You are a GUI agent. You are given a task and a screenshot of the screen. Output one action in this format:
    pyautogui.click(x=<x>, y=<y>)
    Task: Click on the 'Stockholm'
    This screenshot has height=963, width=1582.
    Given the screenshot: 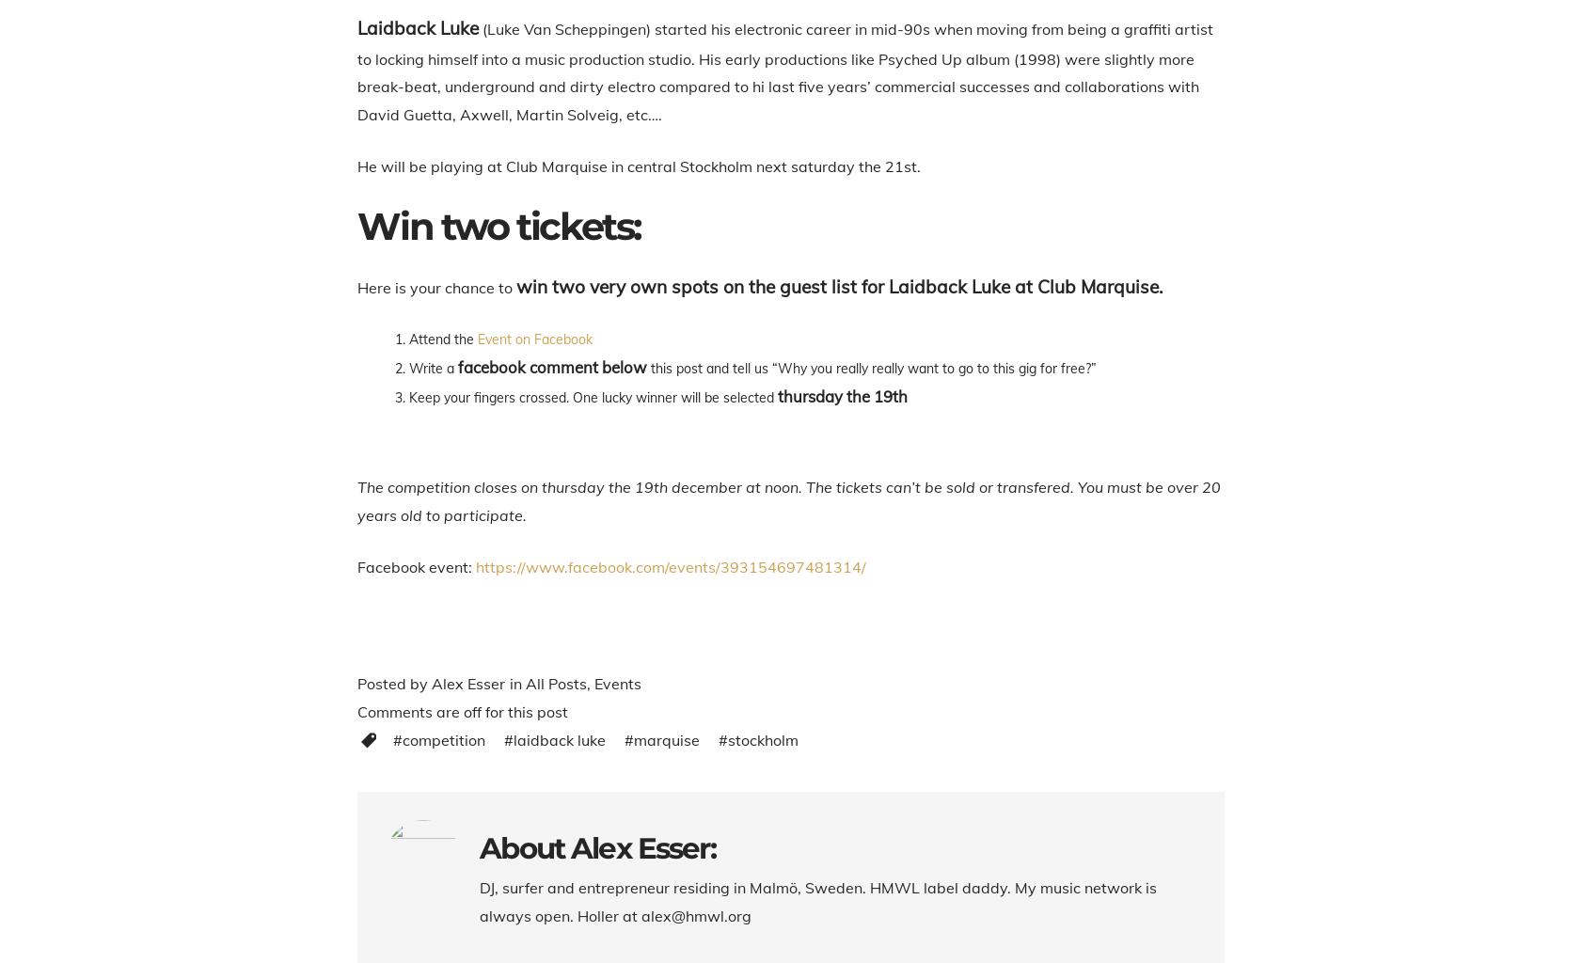 What is the action you would take?
    pyautogui.click(x=762, y=739)
    